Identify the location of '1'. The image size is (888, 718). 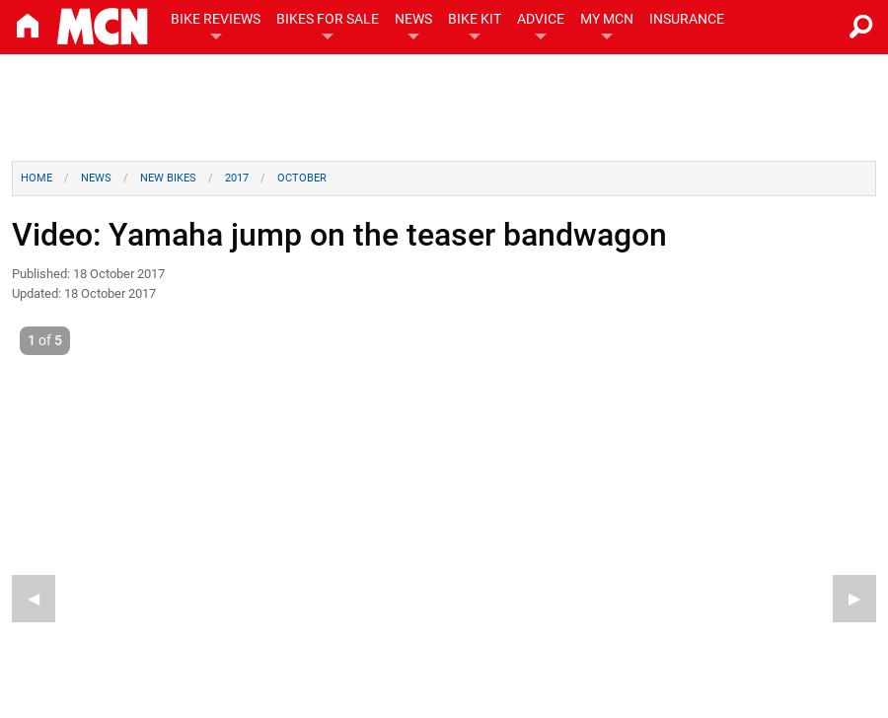
(31, 339).